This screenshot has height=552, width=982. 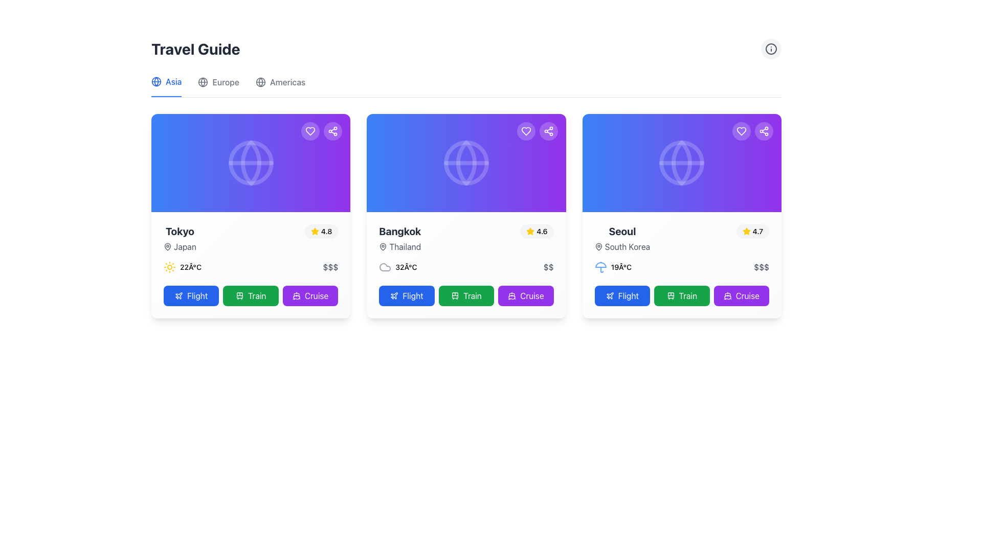 What do you see at coordinates (771, 49) in the screenshot?
I see `the SVG graphical element in the top-right corner of the interface` at bounding box center [771, 49].